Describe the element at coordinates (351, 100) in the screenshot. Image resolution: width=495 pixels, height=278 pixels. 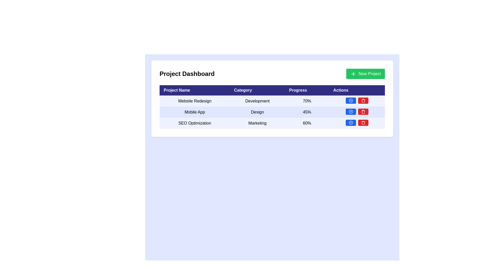
I see `the circular checkmark icon with a blue background, which is the first icon in the 'Actions' column of the first row in the table` at that location.